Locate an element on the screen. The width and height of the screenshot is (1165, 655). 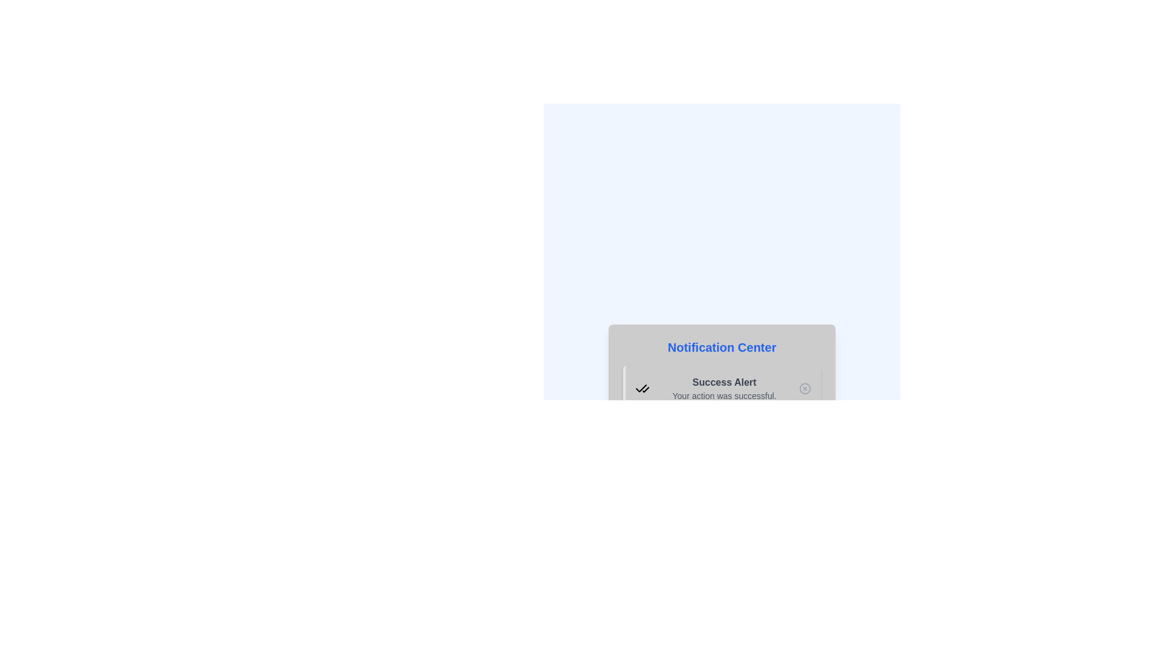
the green icon located within the notification message box, which is positioned to the left of the success message text is located at coordinates (642, 388).